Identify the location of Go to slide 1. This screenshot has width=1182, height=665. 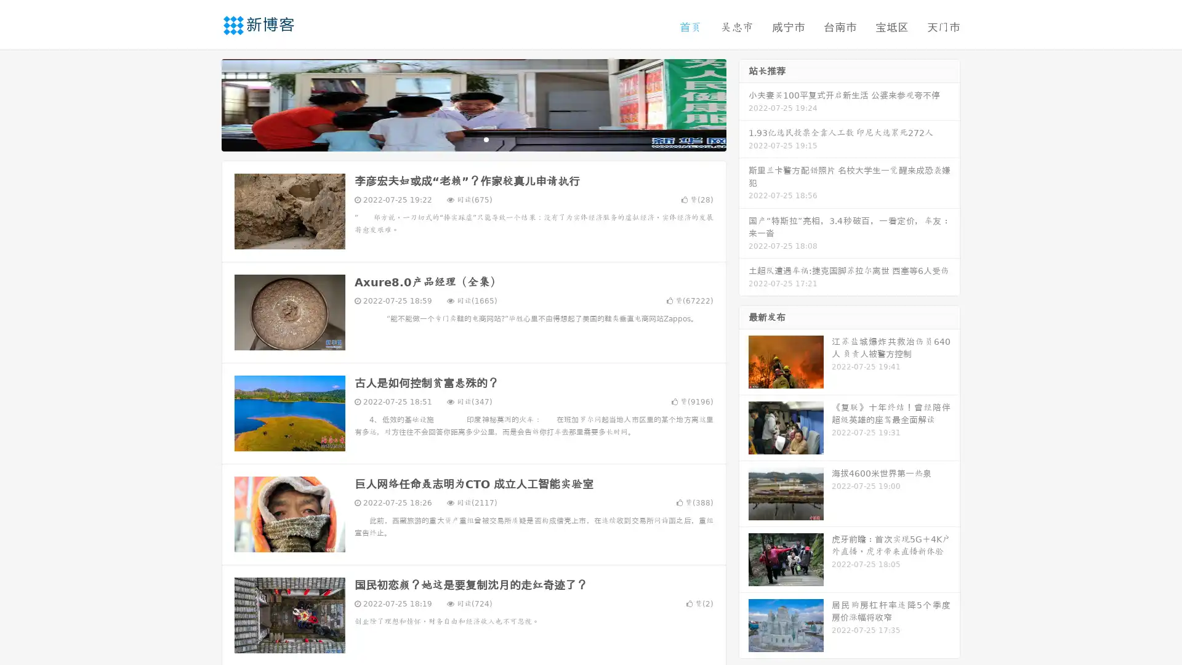
(460, 139).